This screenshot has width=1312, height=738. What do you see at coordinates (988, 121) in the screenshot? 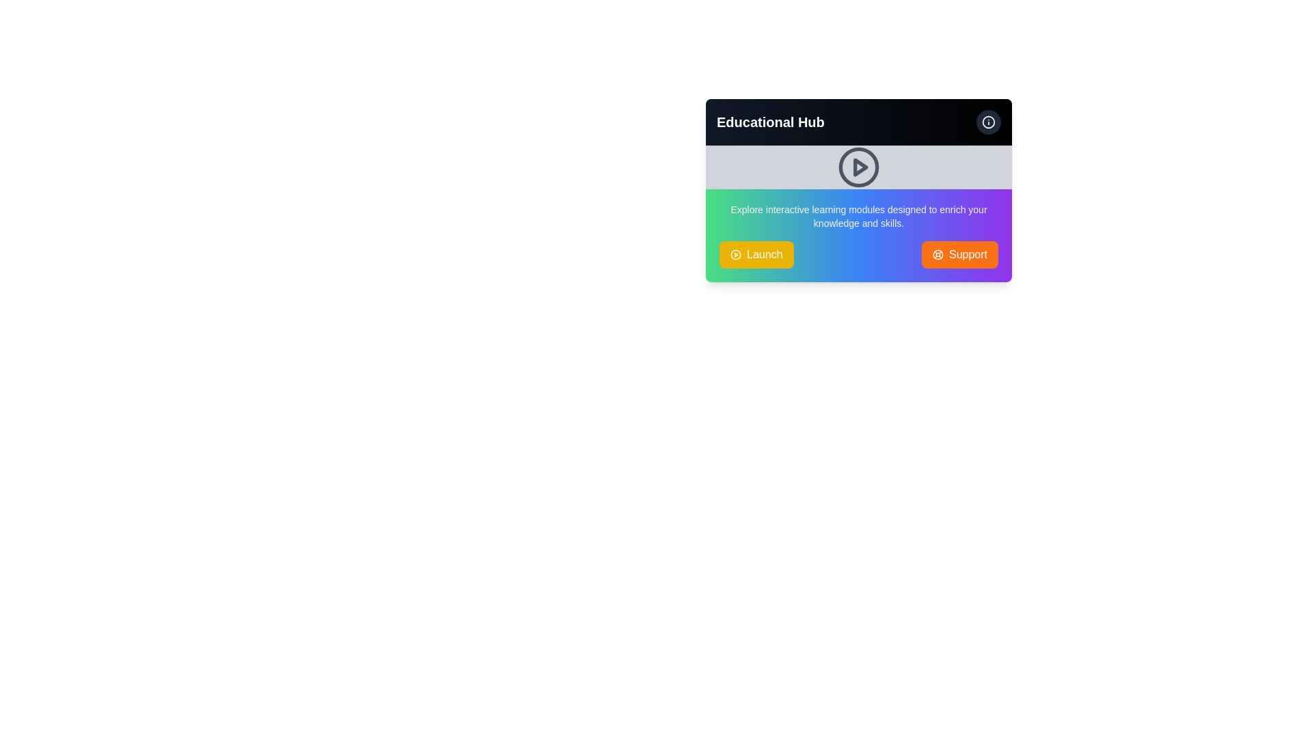
I see `the informational button located in the upper-right corner of the 'Educational Hub' header` at bounding box center [988, 121].